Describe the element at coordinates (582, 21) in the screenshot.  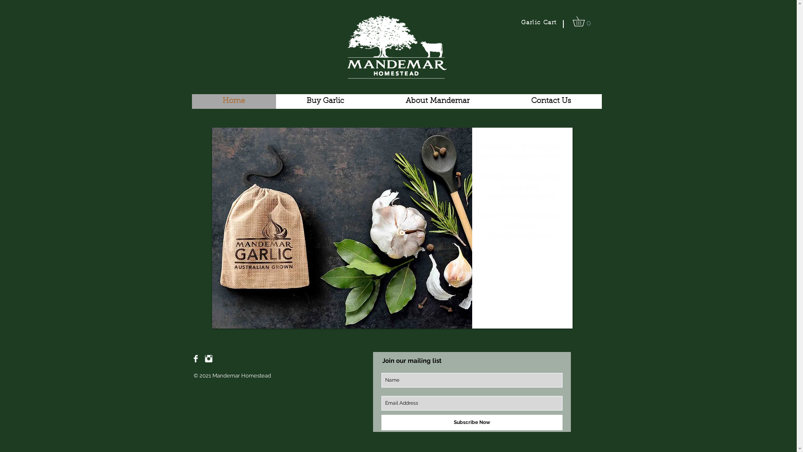
I see `'0'` at that location.